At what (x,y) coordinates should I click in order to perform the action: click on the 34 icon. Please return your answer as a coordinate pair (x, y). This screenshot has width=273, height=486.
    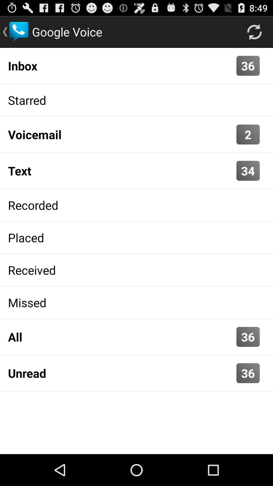
    Looking at the image, I should click on (248, 171).